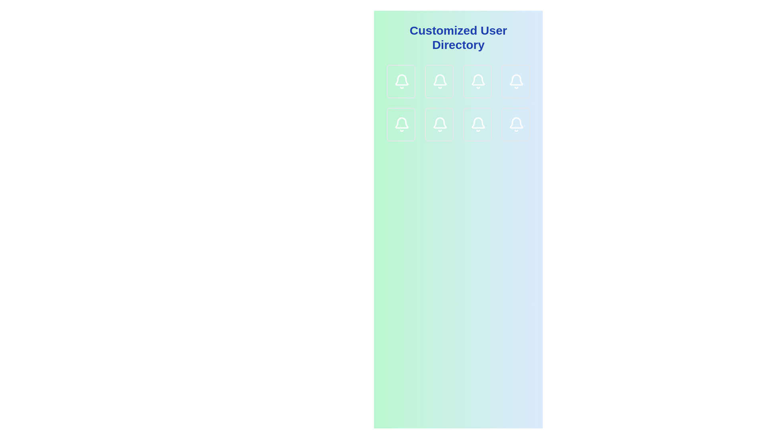 The image size is (764, 430). Describe the element at coordinates (477, 80) in the screenshot. I see `the notification bell icon located in the second row and third column of a 3x3 grid arrangement of icons` at that location.